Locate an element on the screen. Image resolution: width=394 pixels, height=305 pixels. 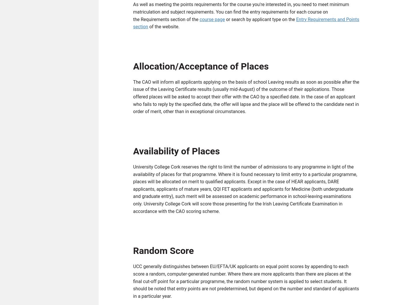
'The CAO will inform all applicants applying on the basis of school Leaving results as soon as possible after the issue of the Leaving Certificate results (usually mid-August) of the outcome of their applications. Those offered places will be asked to accept their offer with the CAO by a specified date. In the case of an applicant who fails to reply by the specified date, the offer will lapse and the place will be offered to the candidate next in order of merit, other than in exceptional circumstances.' is located at coordinates (246, 98).